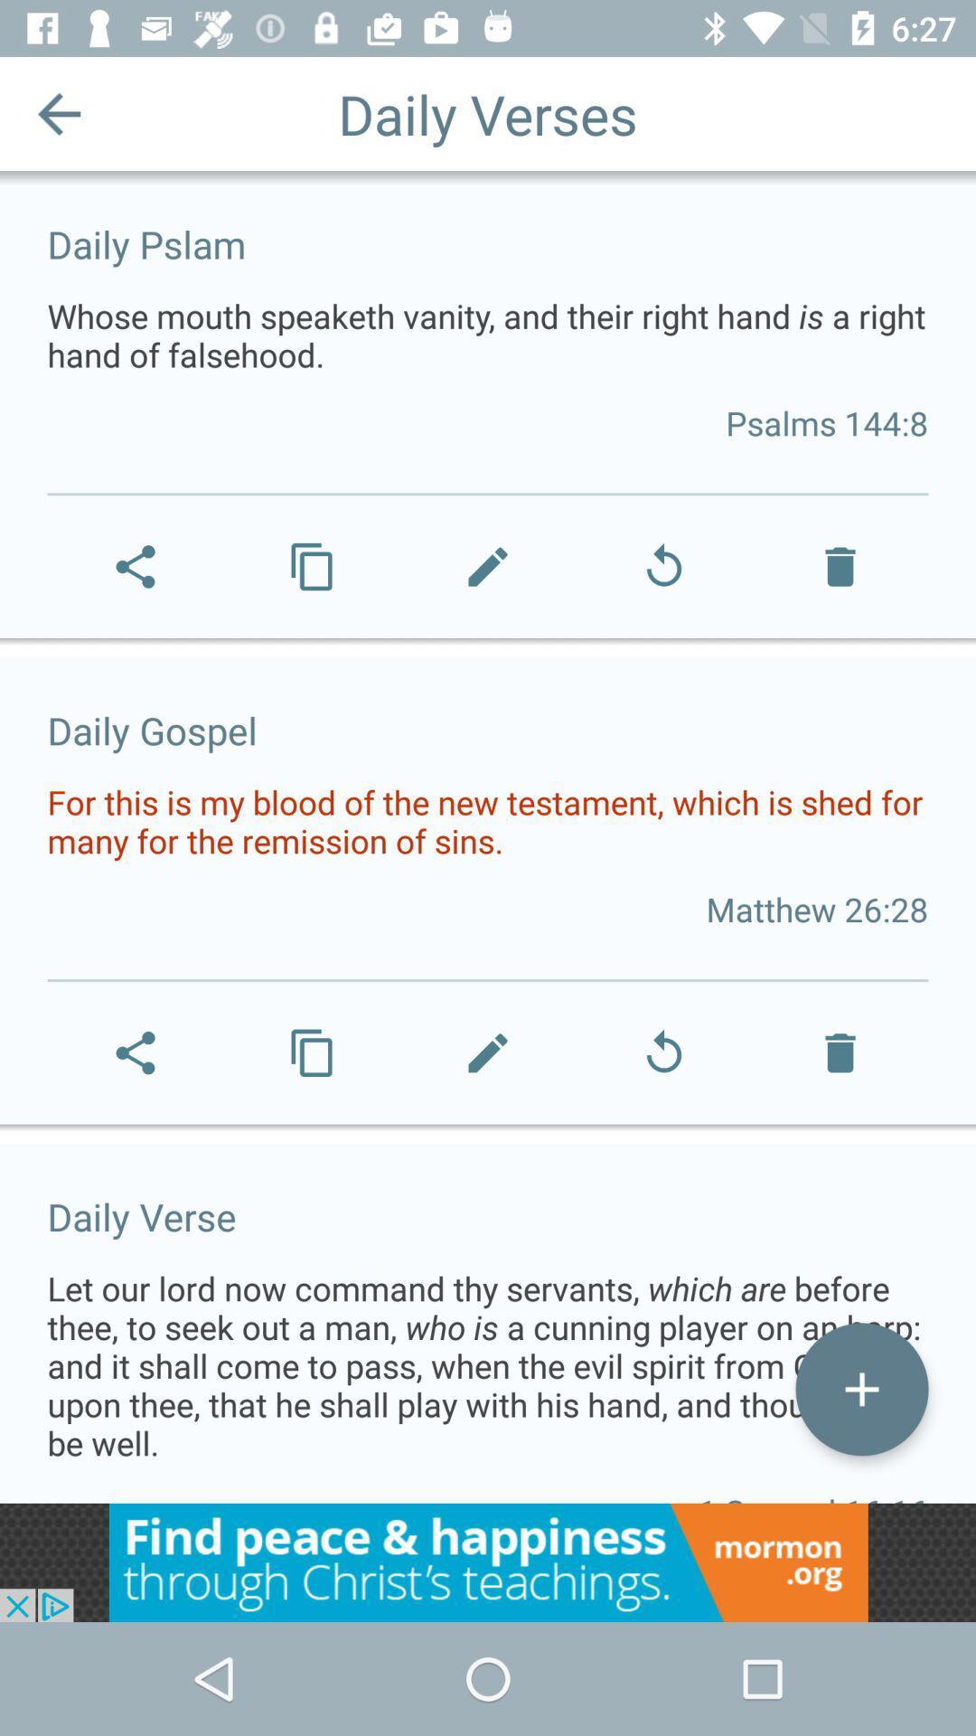  I want to click on to own opption, so click(860, 1388).